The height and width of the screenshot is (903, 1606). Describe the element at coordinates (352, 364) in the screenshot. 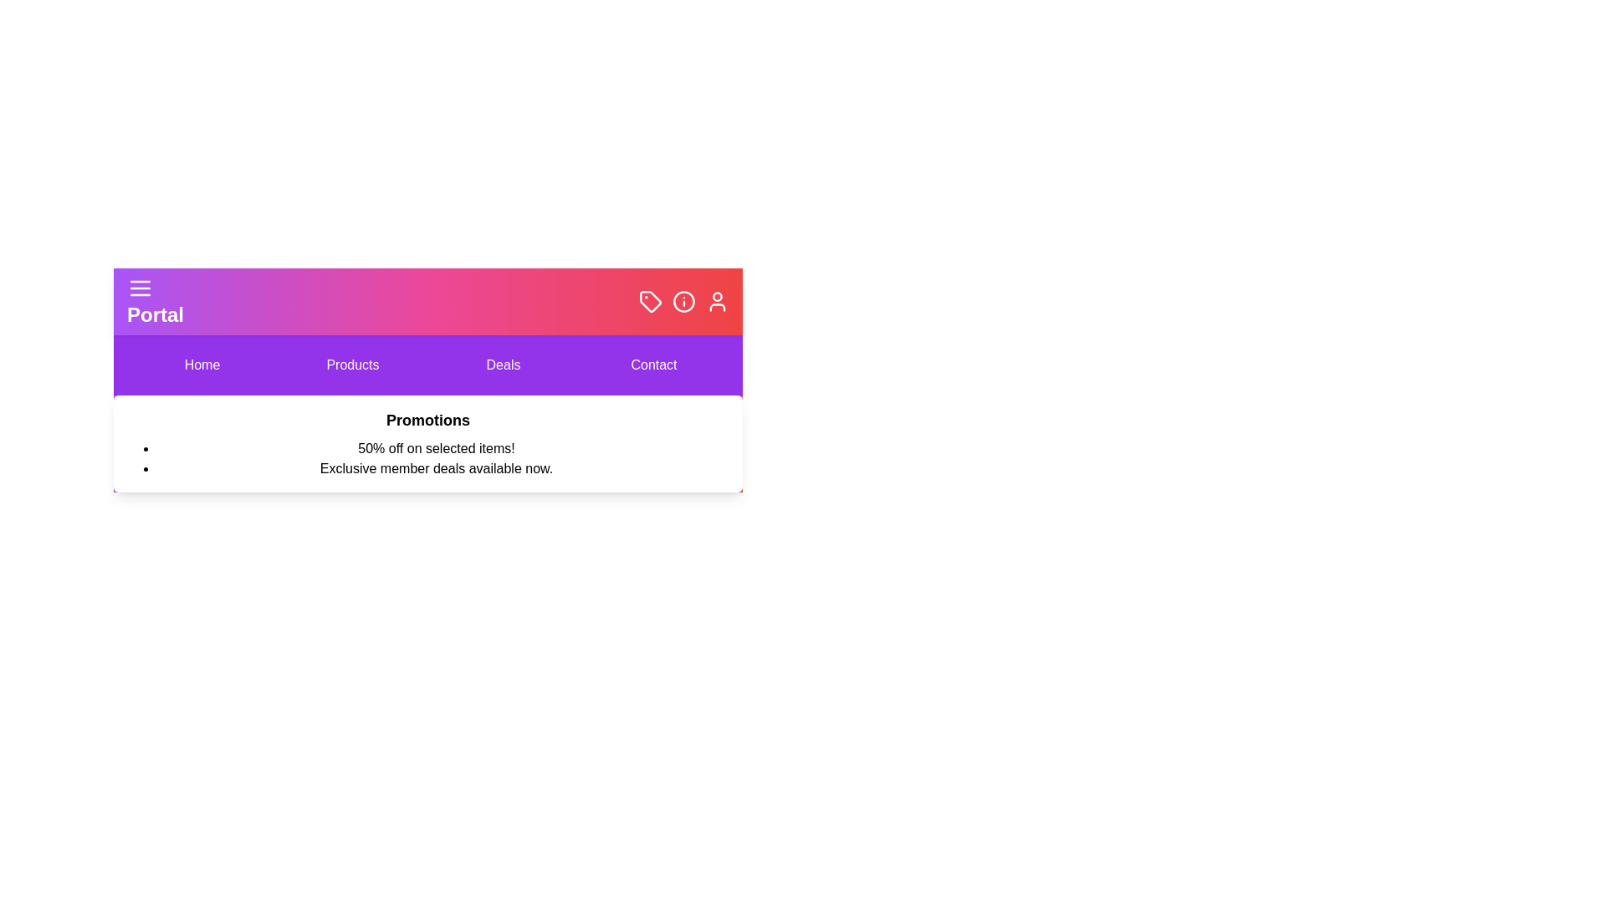

I see `the navigation item Products from the menu` at that location.